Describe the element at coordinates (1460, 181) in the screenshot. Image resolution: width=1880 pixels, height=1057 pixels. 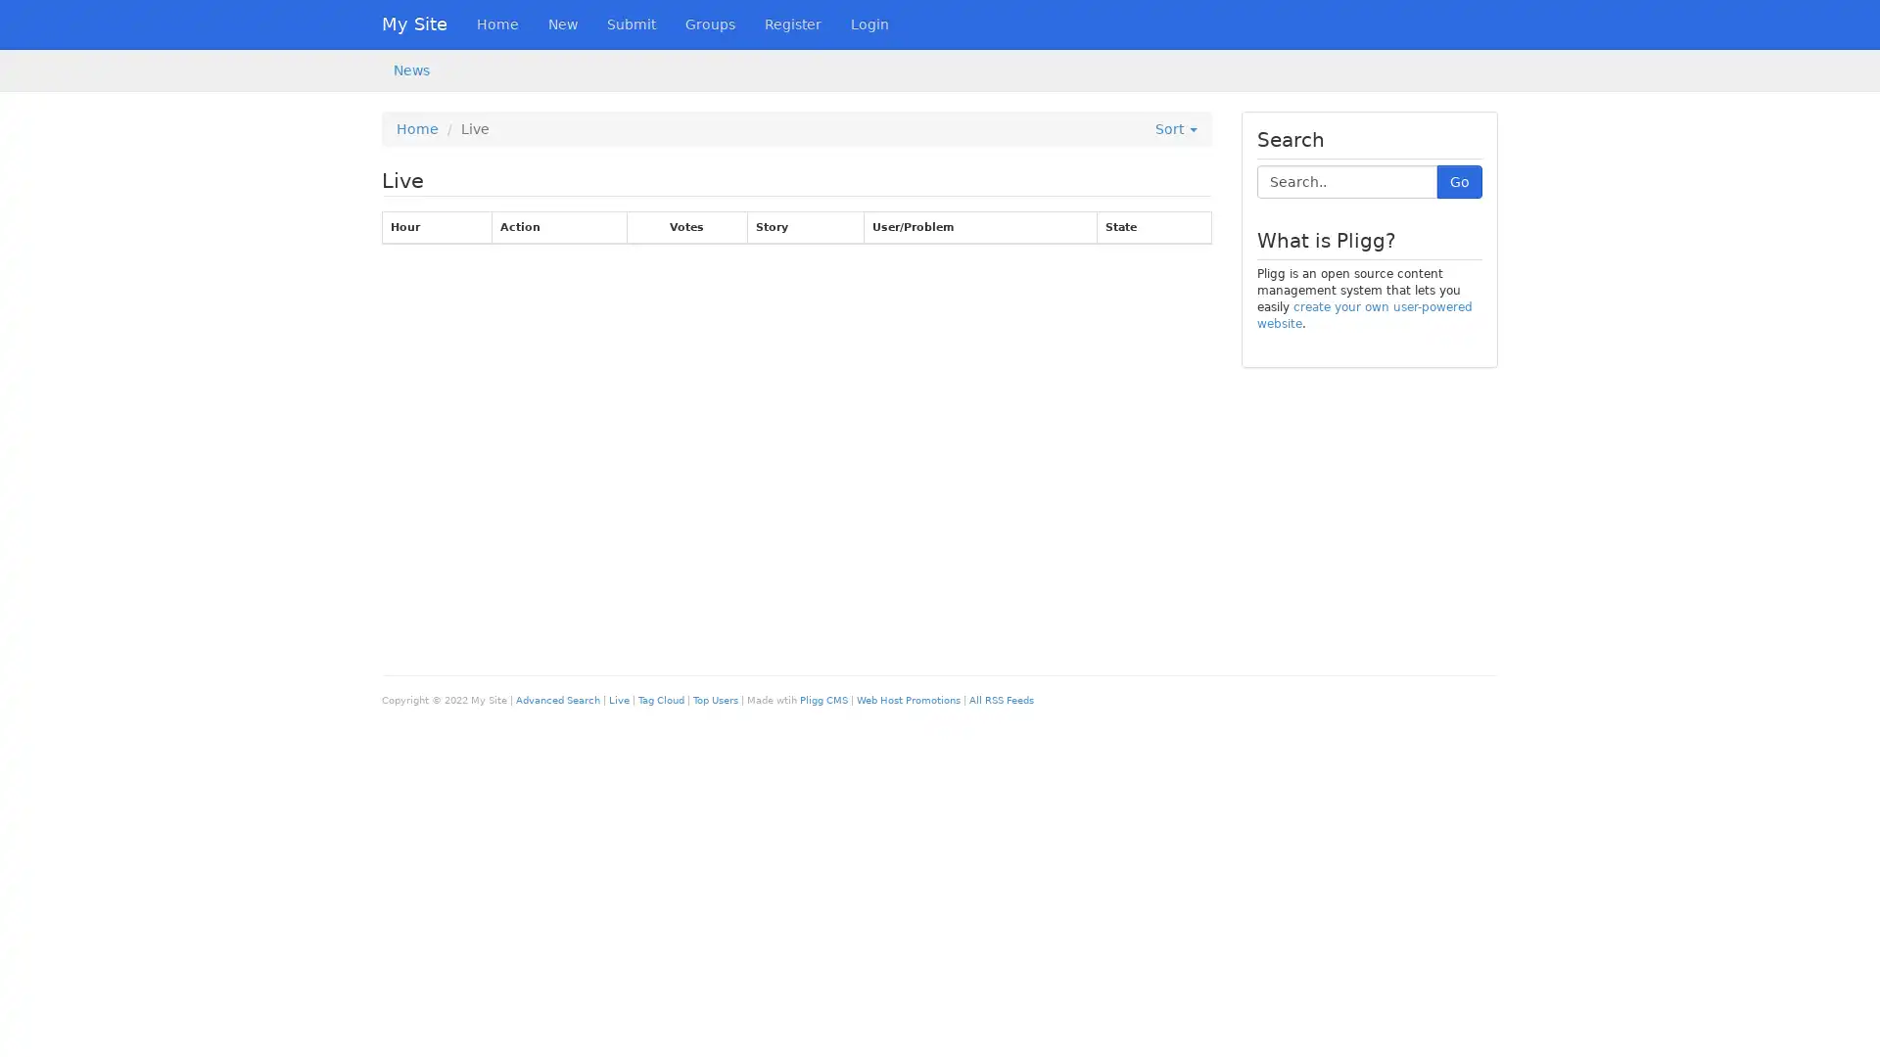
I see `Go` at that location.